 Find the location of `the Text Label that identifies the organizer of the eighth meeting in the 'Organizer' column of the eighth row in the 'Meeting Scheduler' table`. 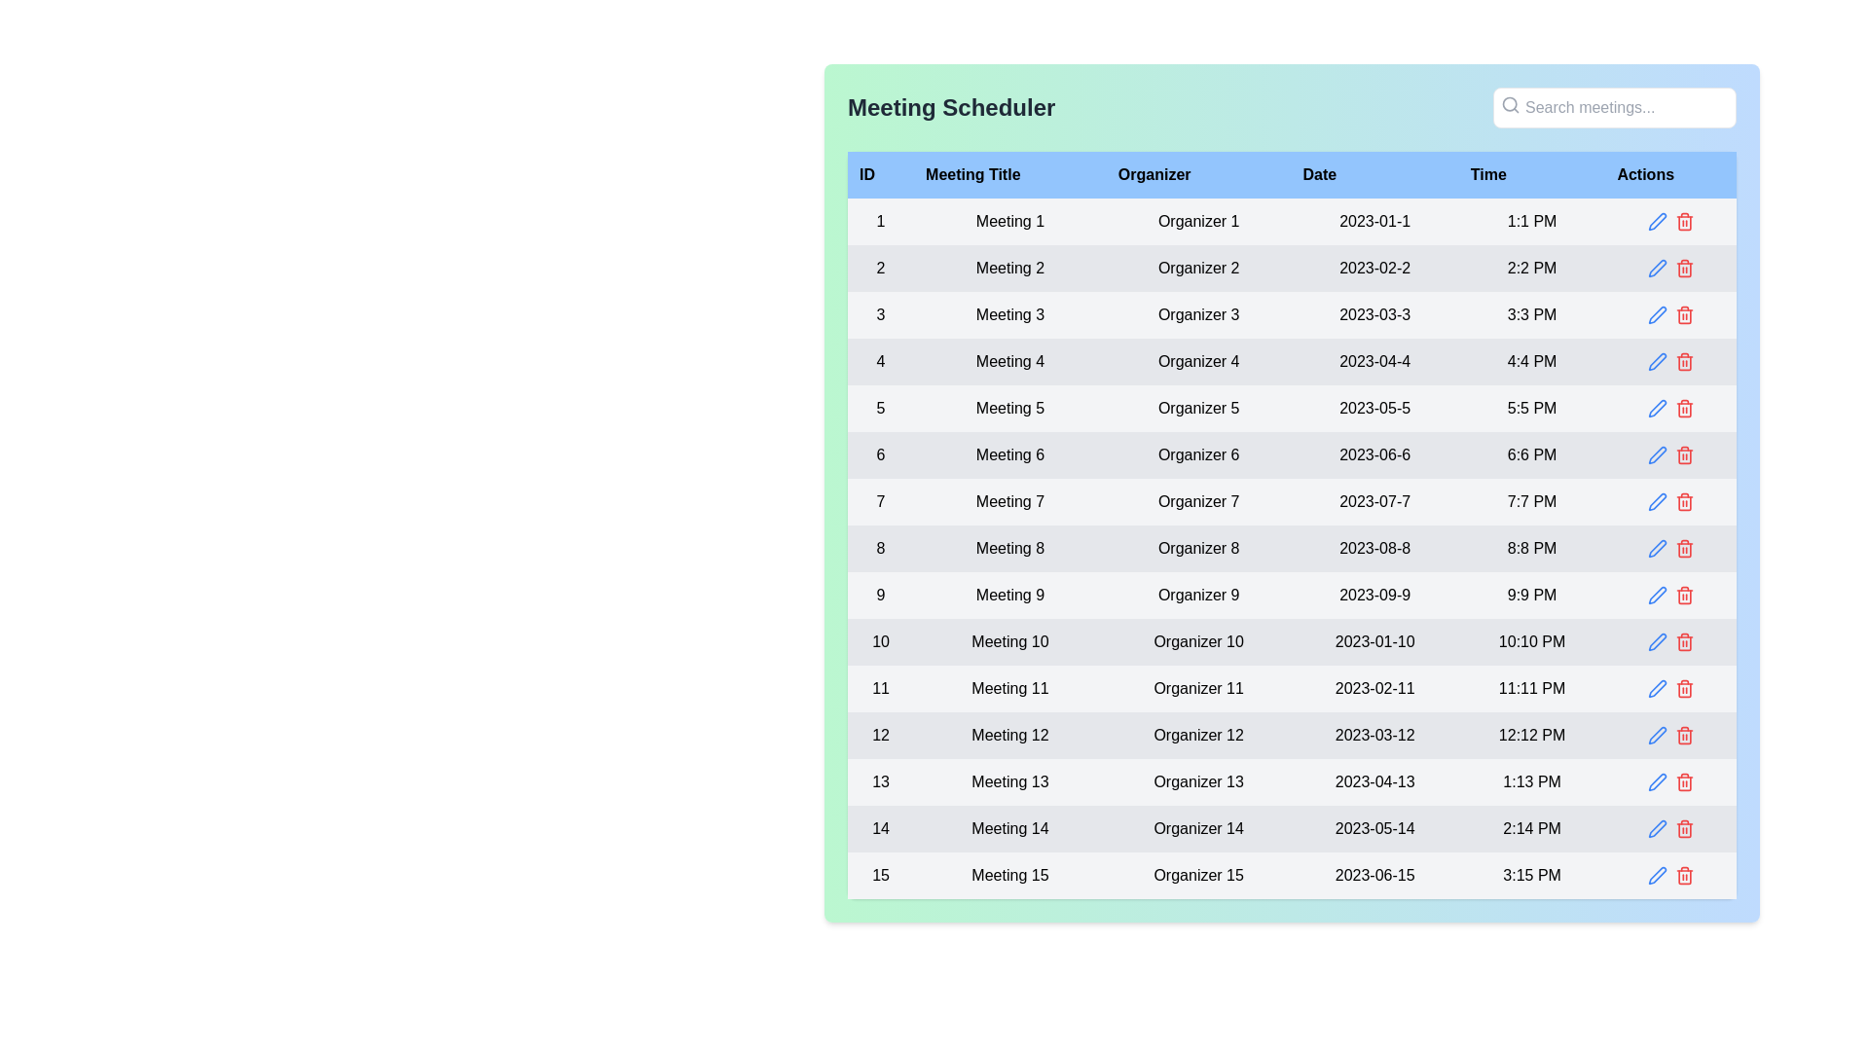

the Text Label that identifies the organizer of the eighth meeting in the 'Organizer' column of the eighth row in the 'Meeting Scheduler' table is located at coordinates (1197, 548).